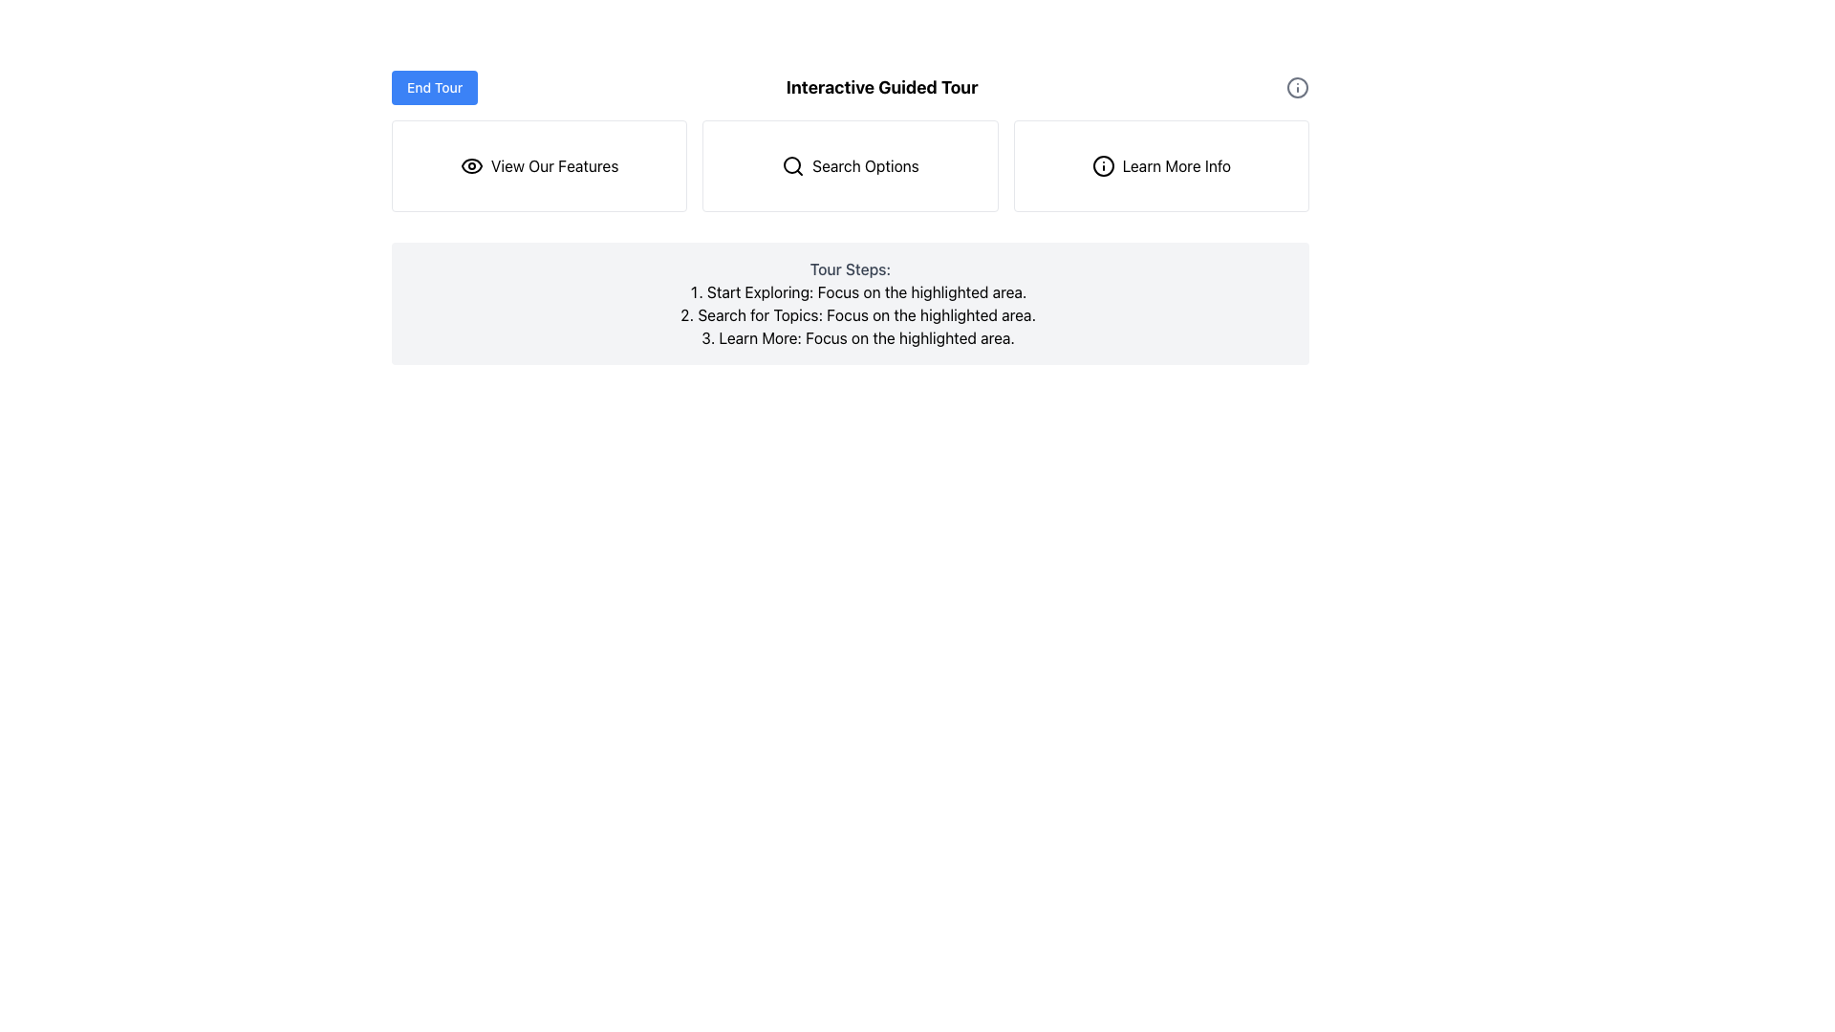 Image resolution: width=1835 pixels, height=1032 pixels. What do you see at coordinates (856, 337) in the screenshot?
I see `the text element reading 'Learn More: Focus on the highlighted area.' which is the third item in the 'Tour Steps' list` at bounding box center [856, 337].